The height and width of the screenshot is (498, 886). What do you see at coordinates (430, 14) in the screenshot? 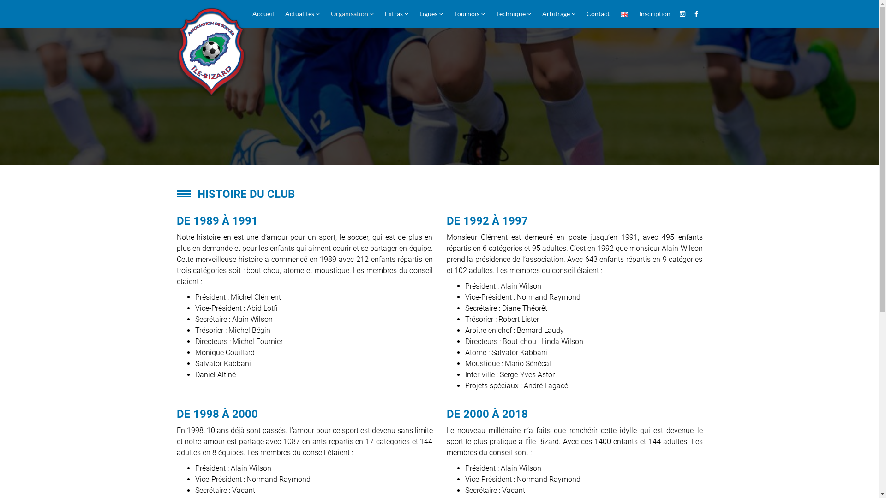
I see `'Ligues'` at bounding box center [430, 14].